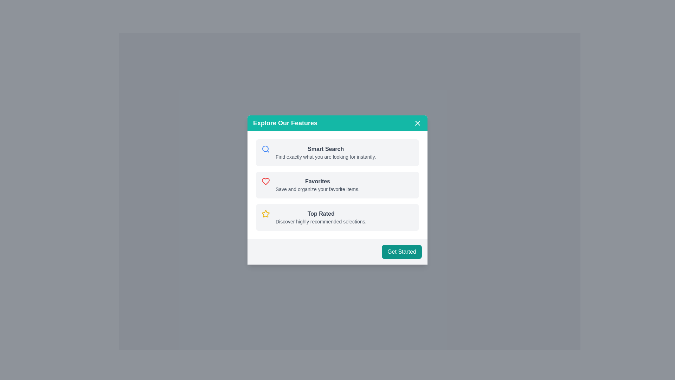 The image size is (675, 380). Describe the element at coordinates (337, 184) in the screenshot. I see `the Informational panel that displays a feature list, located under the 'Explore Our Features' header and above the 'Get Started' button, to enable additional interaction options` at that location.